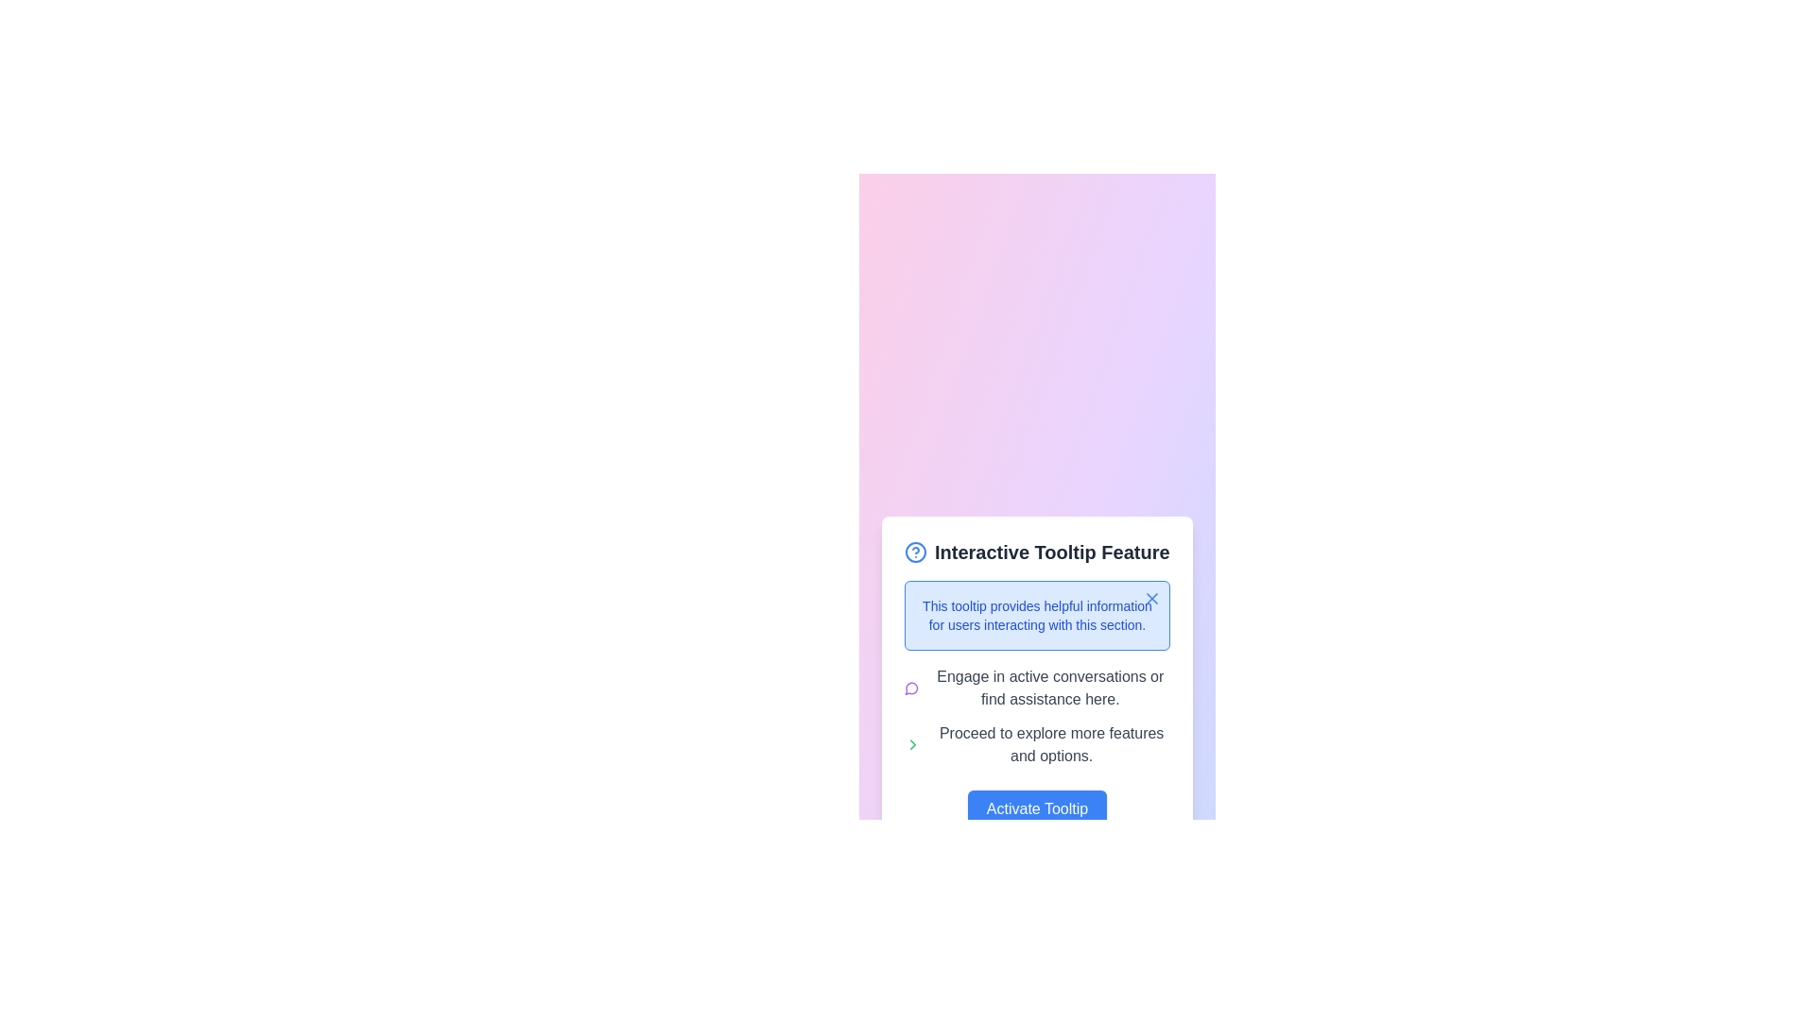  What do you see at coordinates (1036, 615) in the screenshot?
I see `contextual information from the tooltip text block located centrally below the title 'Interactive Tooltip Feature' in the popup` at bounding box center [1036, 615].